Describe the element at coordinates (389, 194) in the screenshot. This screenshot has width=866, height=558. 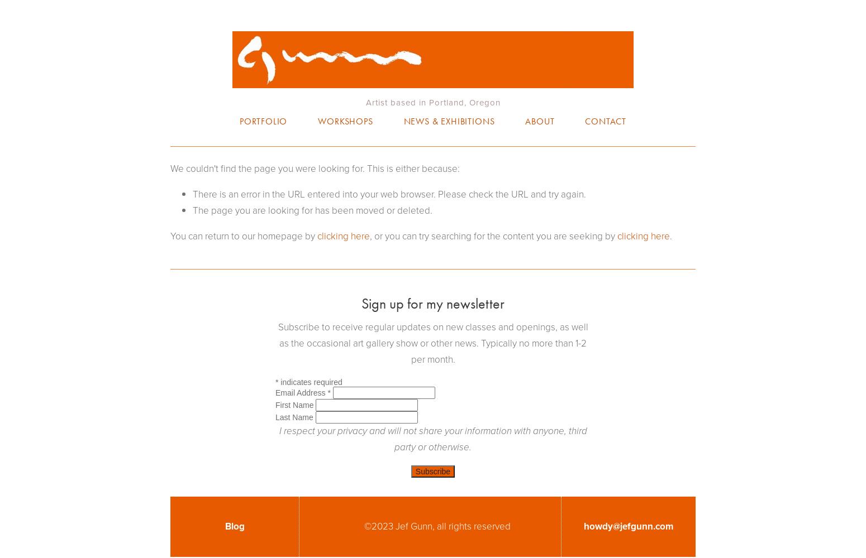
I see `'There is an error in the URL entered into your web browser. Please check the URL and try again.'` at that location.